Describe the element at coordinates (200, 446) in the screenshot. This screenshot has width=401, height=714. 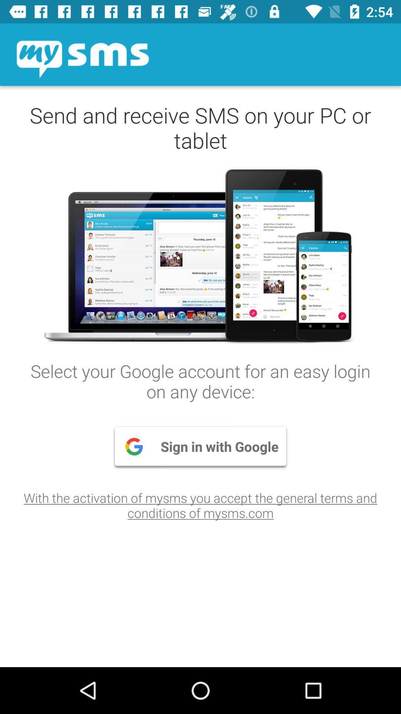
I see `the item above with the activation item` at that location.